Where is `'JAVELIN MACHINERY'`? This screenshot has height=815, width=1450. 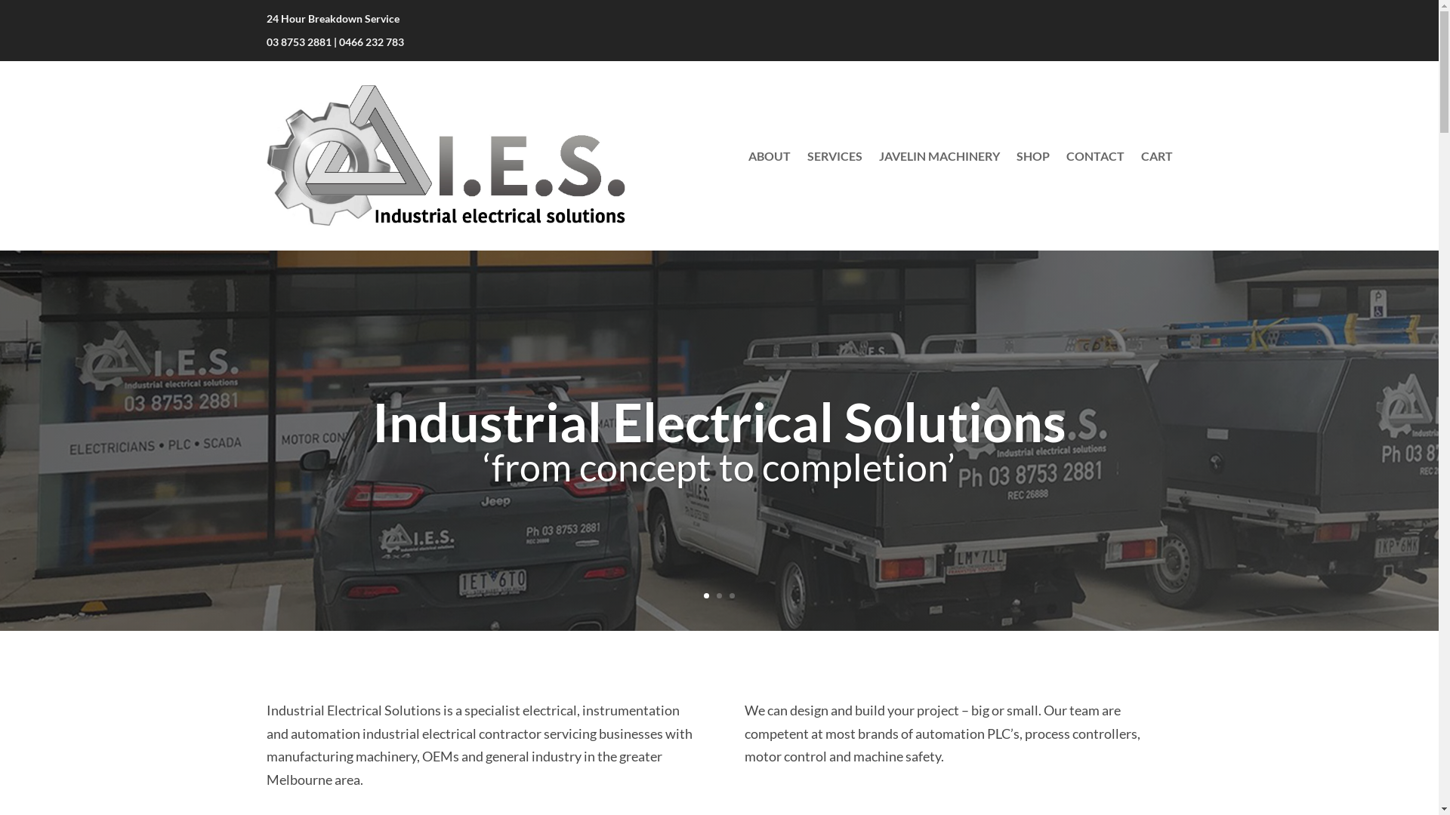 'JAVELIN MACHINERY' is located at coordinates (938, 155).